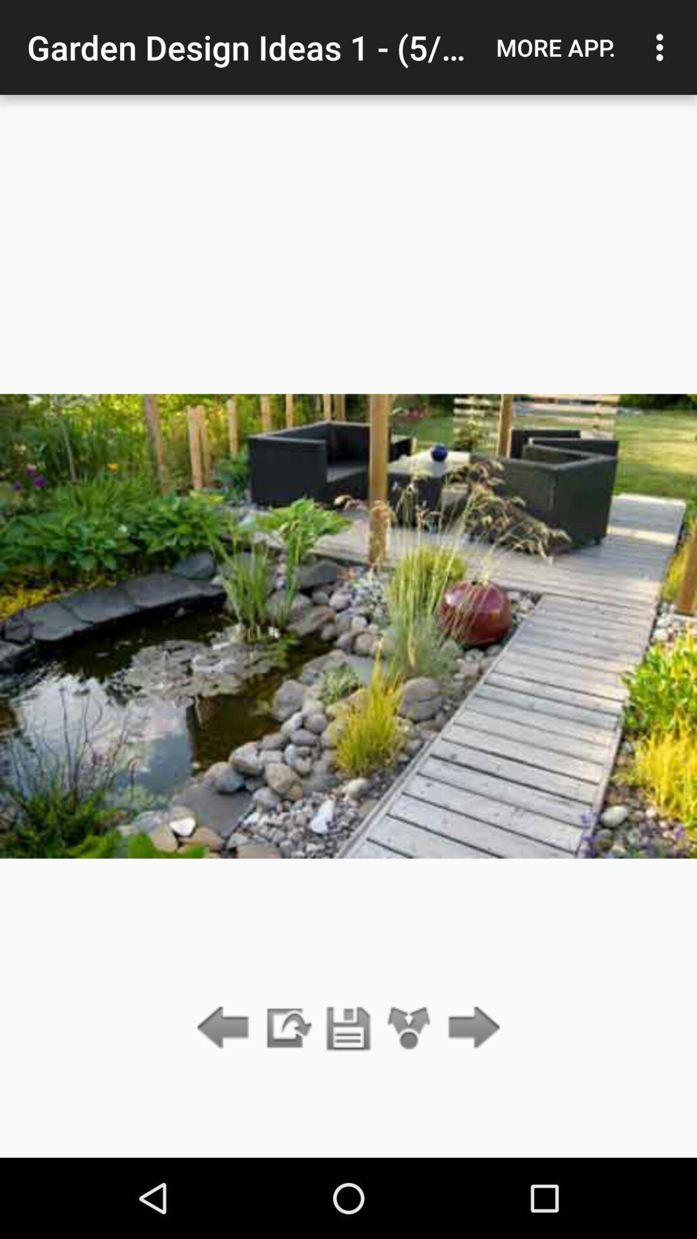  I want to click on image, so click(348, 1028).